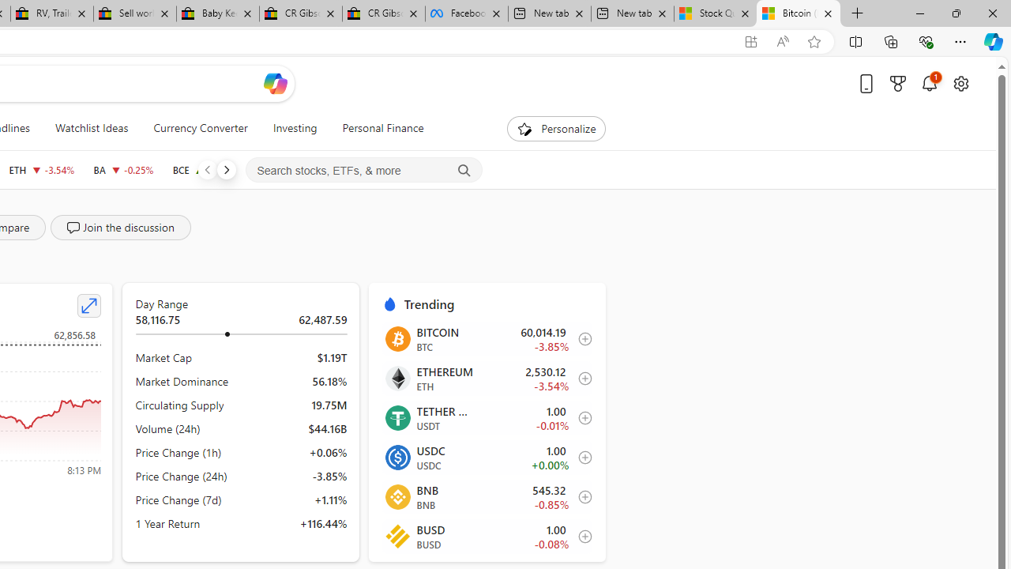  Describe the element at coordinates (580, 535) in the screenshot. I see `'Add to Watchlist'` at that location.